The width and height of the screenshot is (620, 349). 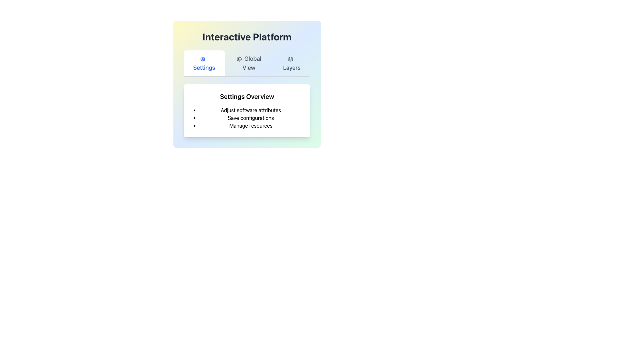 What do you see at coordinates (291, 63) in the screenshot?
I see `the 'Layers' button, which is the third button in a row of navigation buttons` at bounding box center [291, 63].